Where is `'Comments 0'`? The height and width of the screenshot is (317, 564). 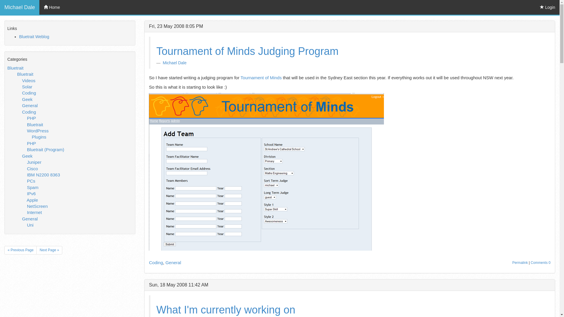
'Comments 0' is located at coordinates (531, 262).